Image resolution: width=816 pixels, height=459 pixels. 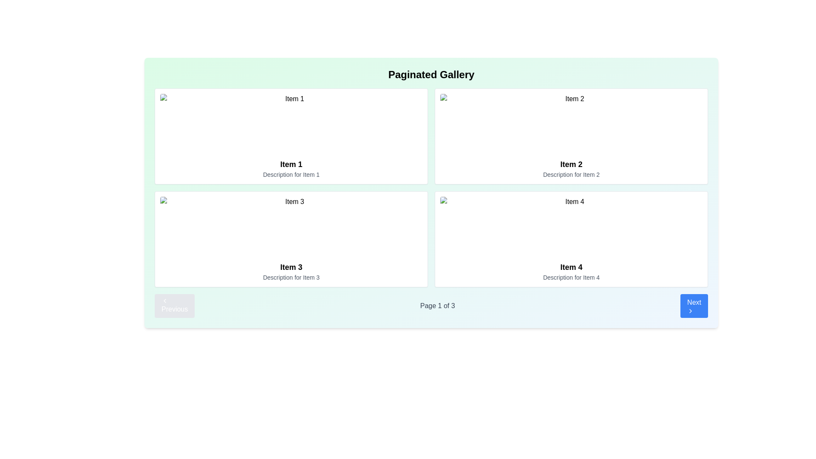 I want to click on the third card component labeled 'Item 3', which is a white card with a rounded border, so click(x=291, y=239).